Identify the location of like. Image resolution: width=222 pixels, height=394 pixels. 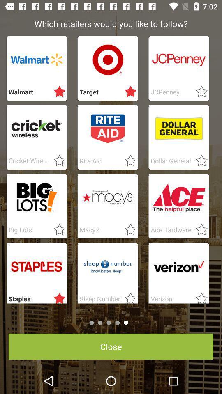
(57, 230).